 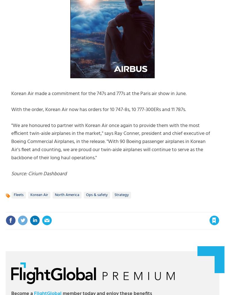 What do you see at coordinates (184, 208) in the screenshot?
I see `'to your account to use this feature'` at bounding box center [184, 208].